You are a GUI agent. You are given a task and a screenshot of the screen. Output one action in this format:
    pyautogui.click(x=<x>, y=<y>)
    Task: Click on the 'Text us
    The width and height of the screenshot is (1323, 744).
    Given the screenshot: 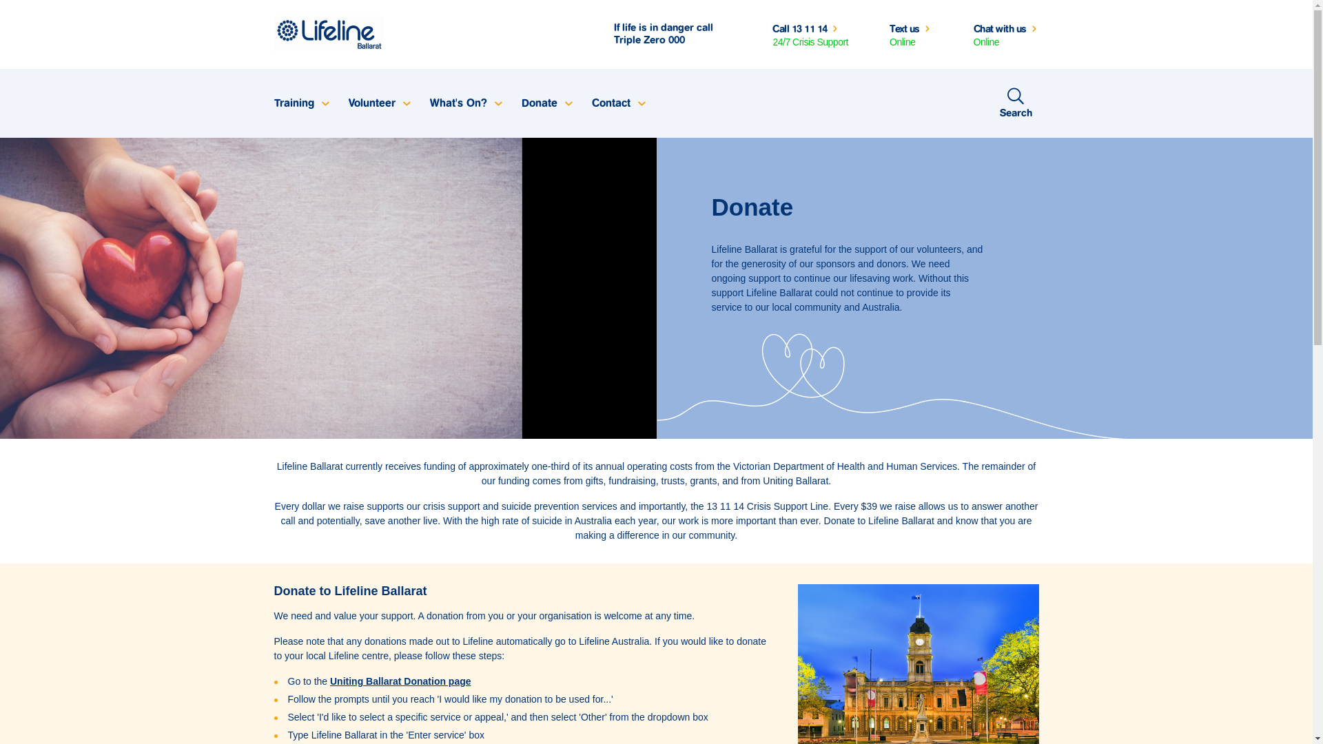 What is the action you would take?
    pyautogui.click(x=910, y=34)
    